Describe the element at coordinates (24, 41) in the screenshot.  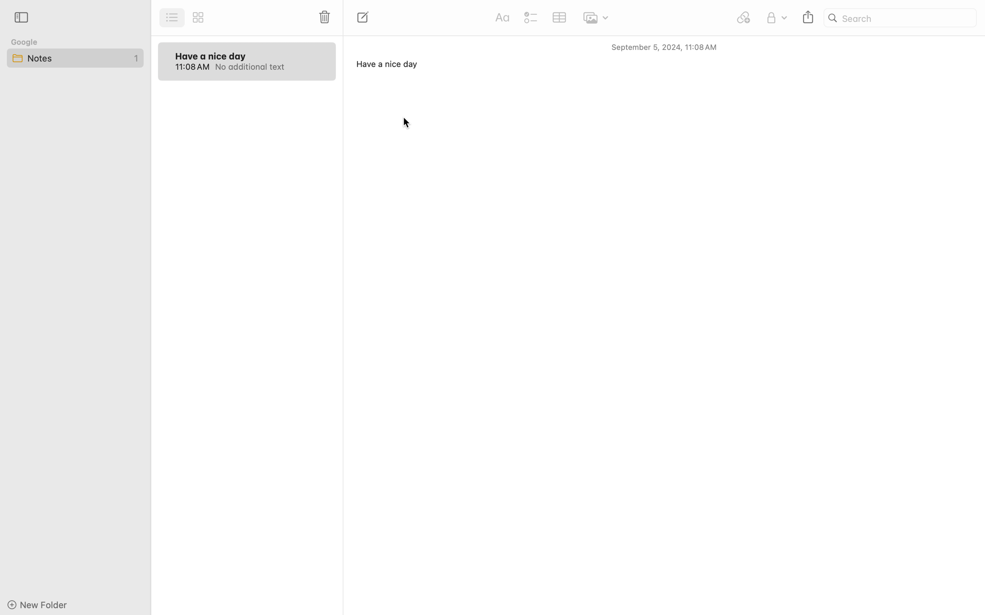
I see `'Google'` at that location.